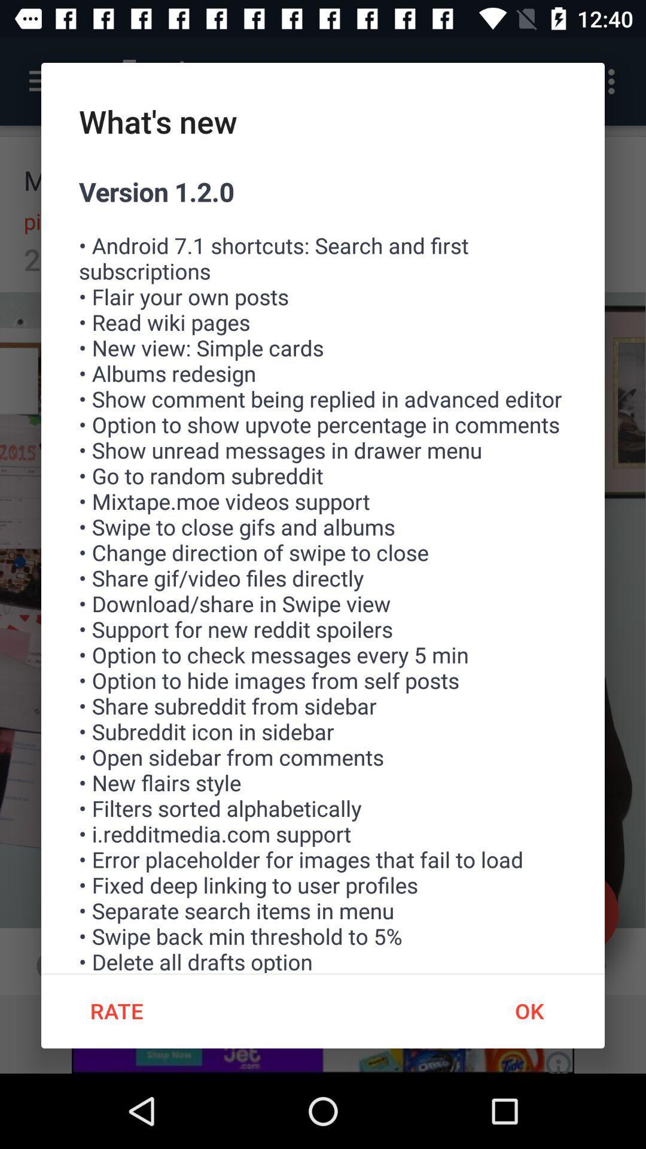 The image size is (646, 1149). I want to click on item to the right of the rate item, so click(528, 1010).